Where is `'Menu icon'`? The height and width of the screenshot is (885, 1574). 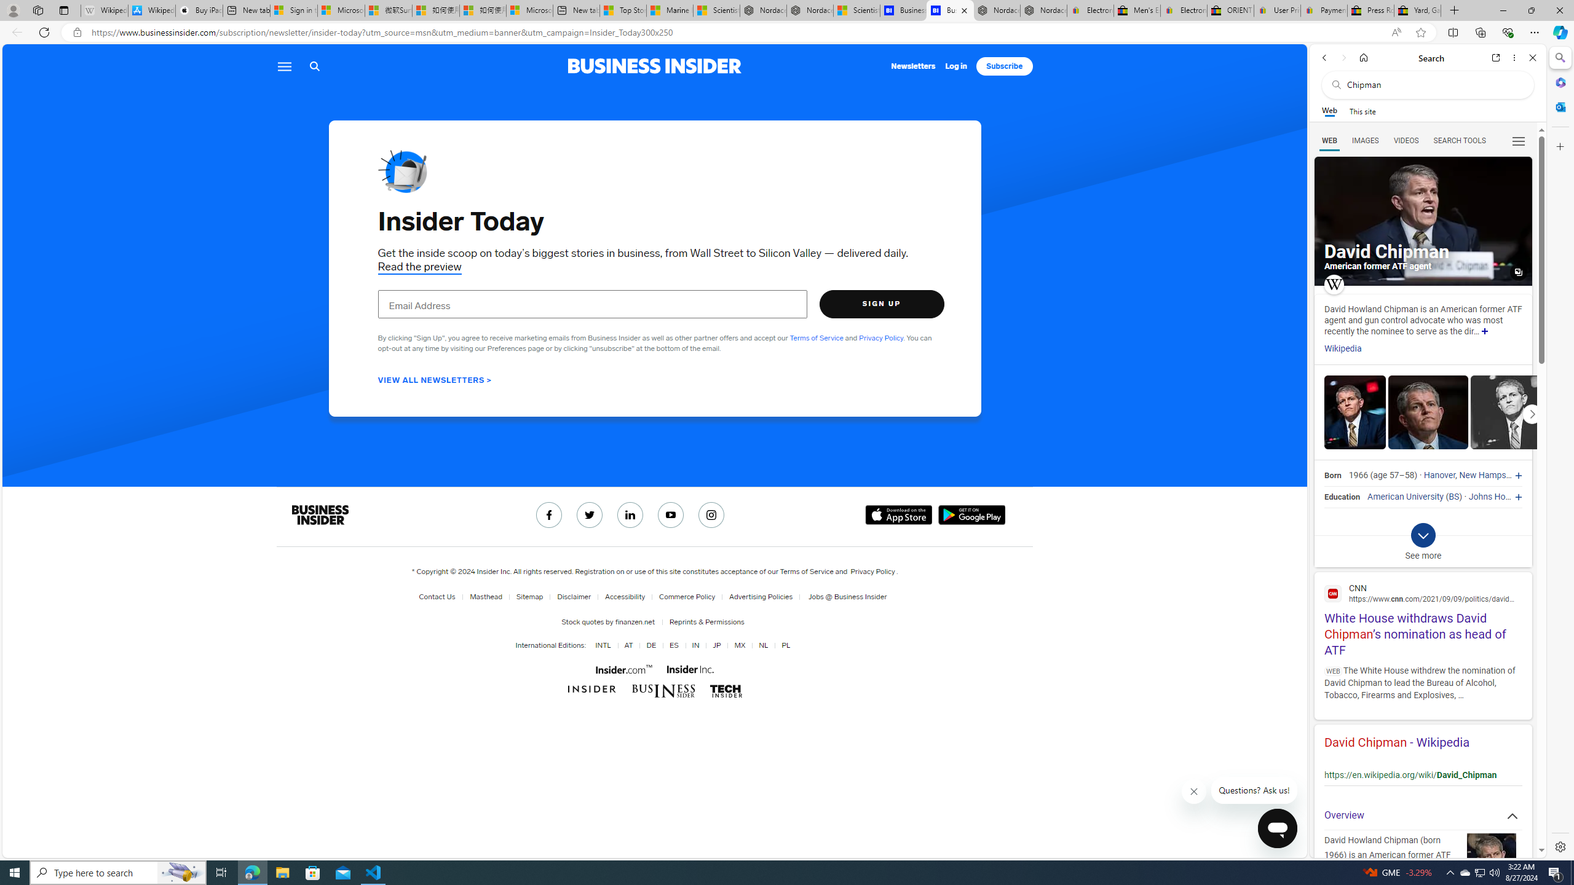
'Menu icon' is located at coordinates (284, 66).